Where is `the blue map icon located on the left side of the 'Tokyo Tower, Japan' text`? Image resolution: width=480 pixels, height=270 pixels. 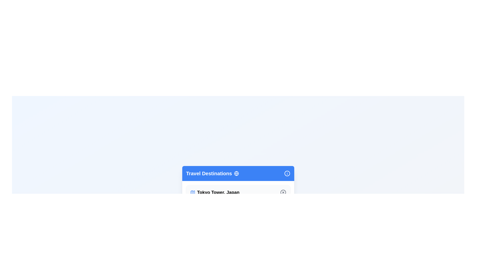
the blue map icon located on the left side of the 'Tokyo Tower, Japan' text is located at coordinates (192, 192).